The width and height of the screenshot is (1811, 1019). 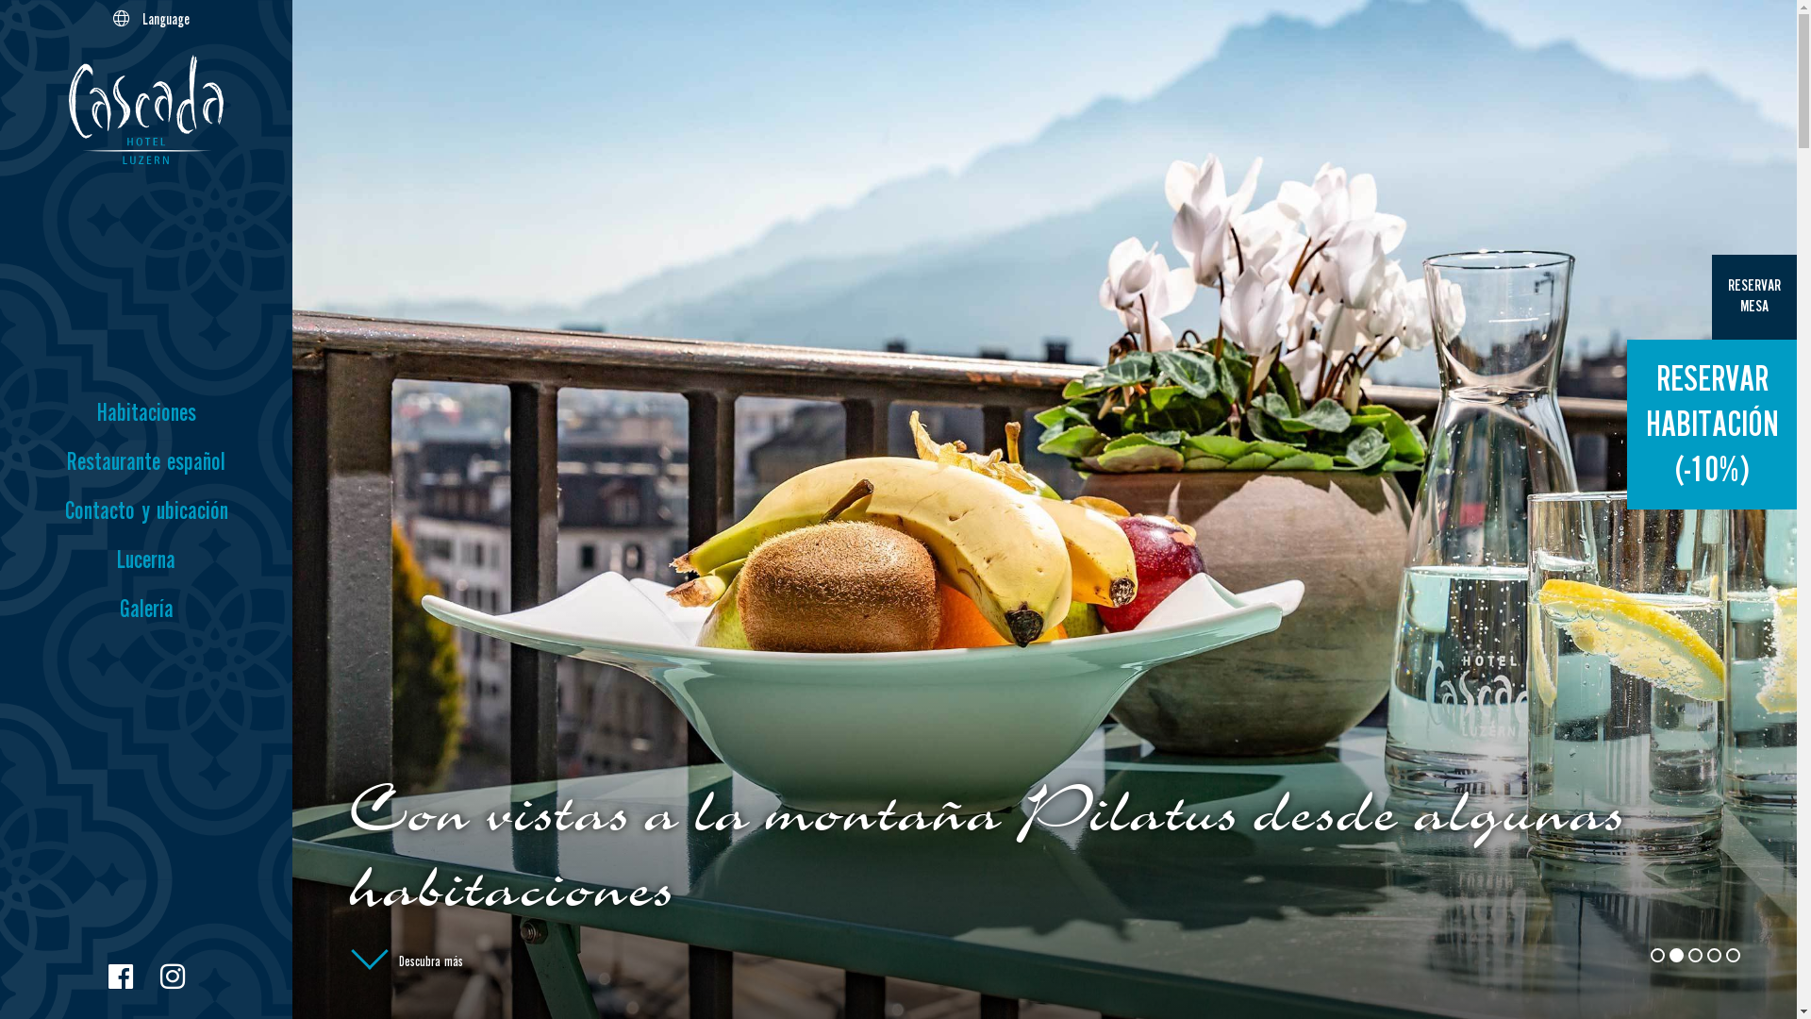 I want to click on 'Habitaciones', so click(x=144, y=412).